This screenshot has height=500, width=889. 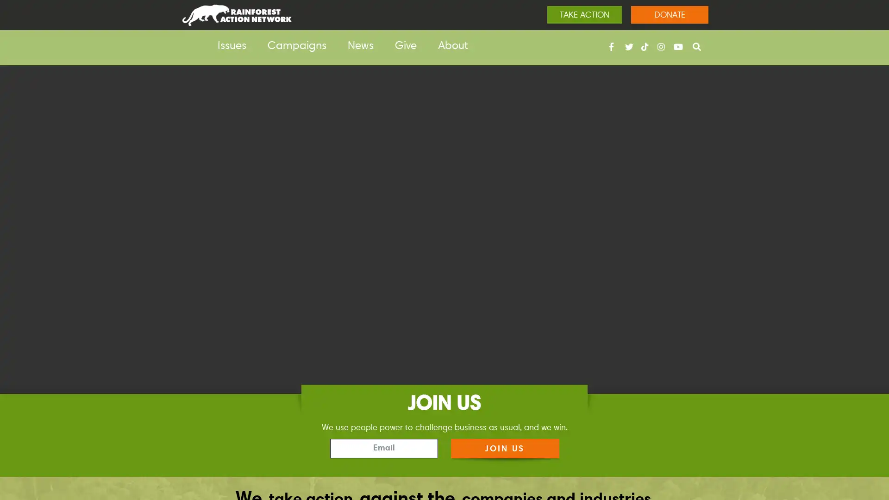 What do you see at coordinates (406, 46) in the screenshot?
I see `Give` at bounding box center [406, 46].